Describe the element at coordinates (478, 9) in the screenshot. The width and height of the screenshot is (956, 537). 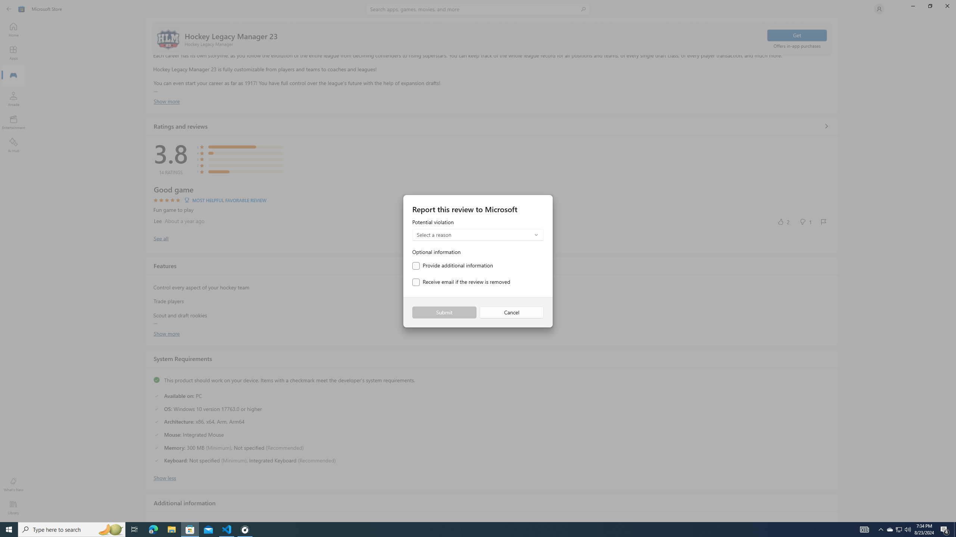
I see `'Search'` at that location.